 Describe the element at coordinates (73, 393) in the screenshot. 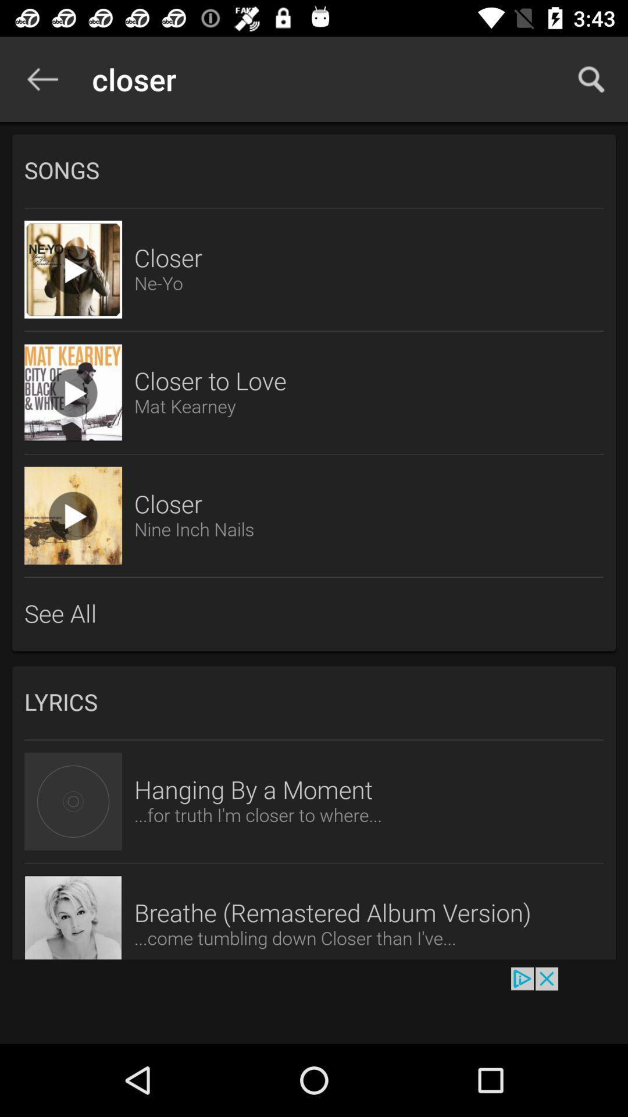

I see `the play icon` at that location.